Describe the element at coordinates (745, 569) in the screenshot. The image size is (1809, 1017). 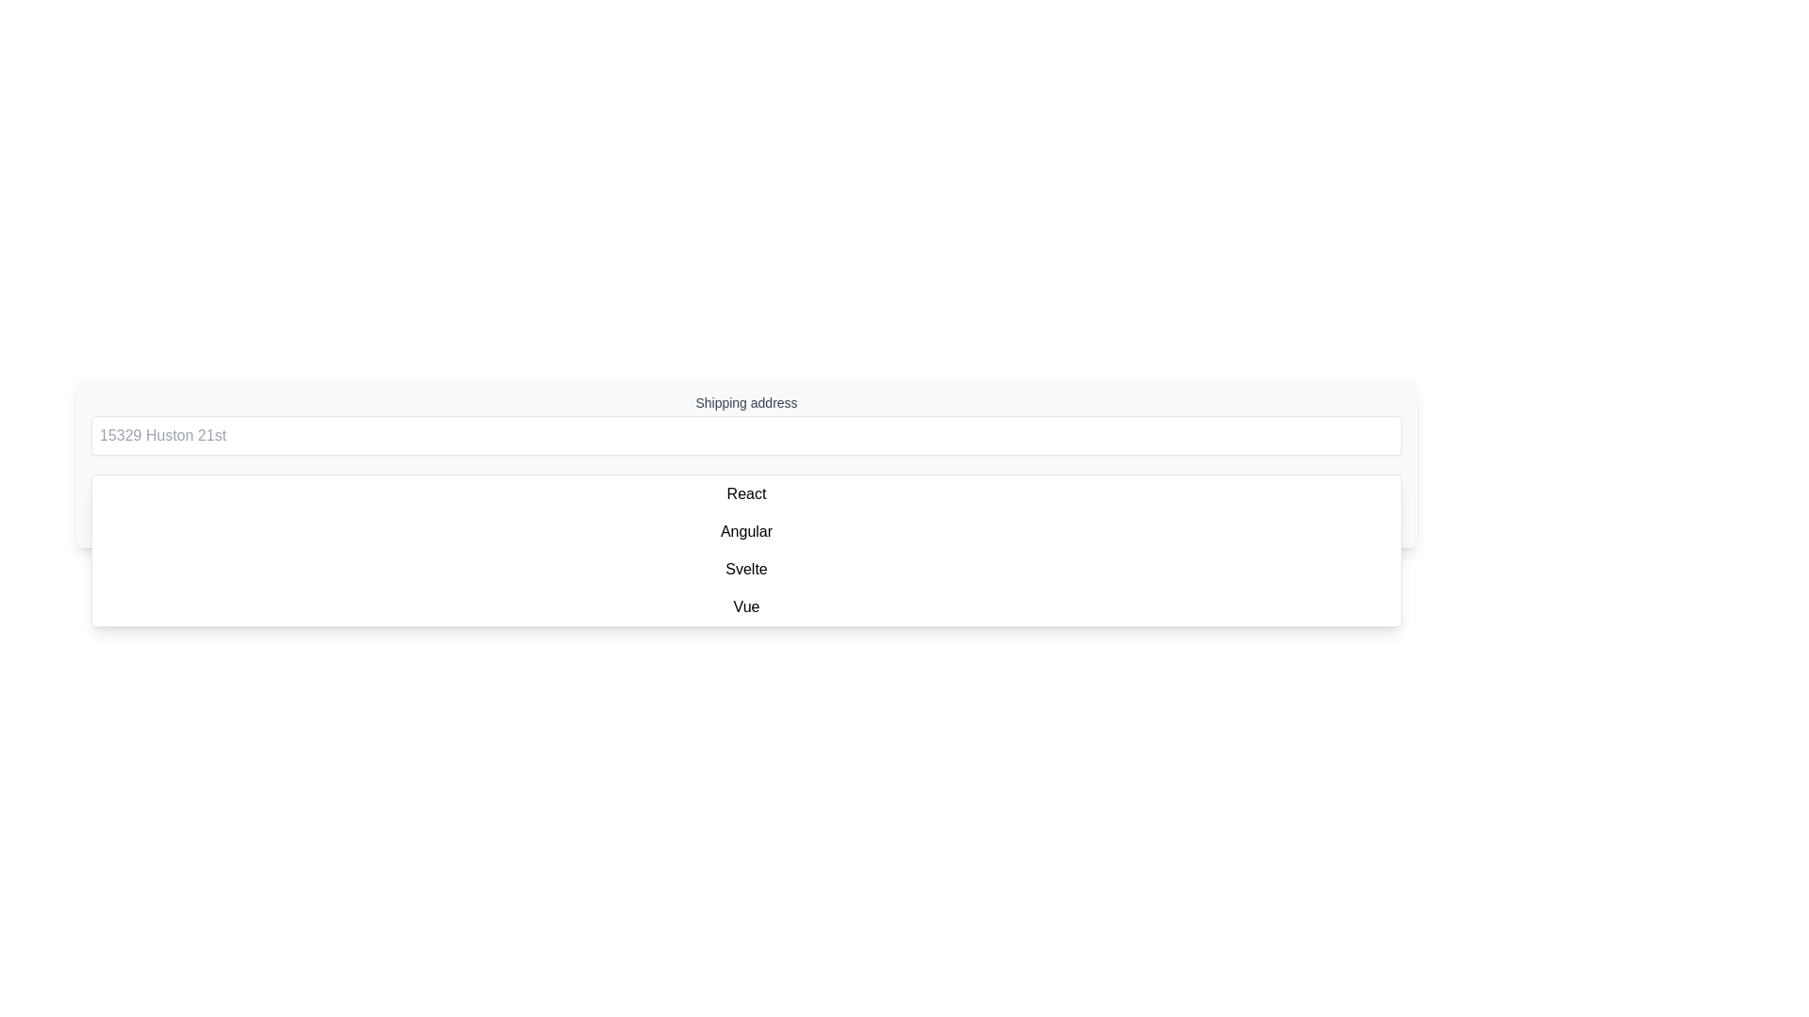
I see `the third selectable list item in the dropdown menu` at that location.